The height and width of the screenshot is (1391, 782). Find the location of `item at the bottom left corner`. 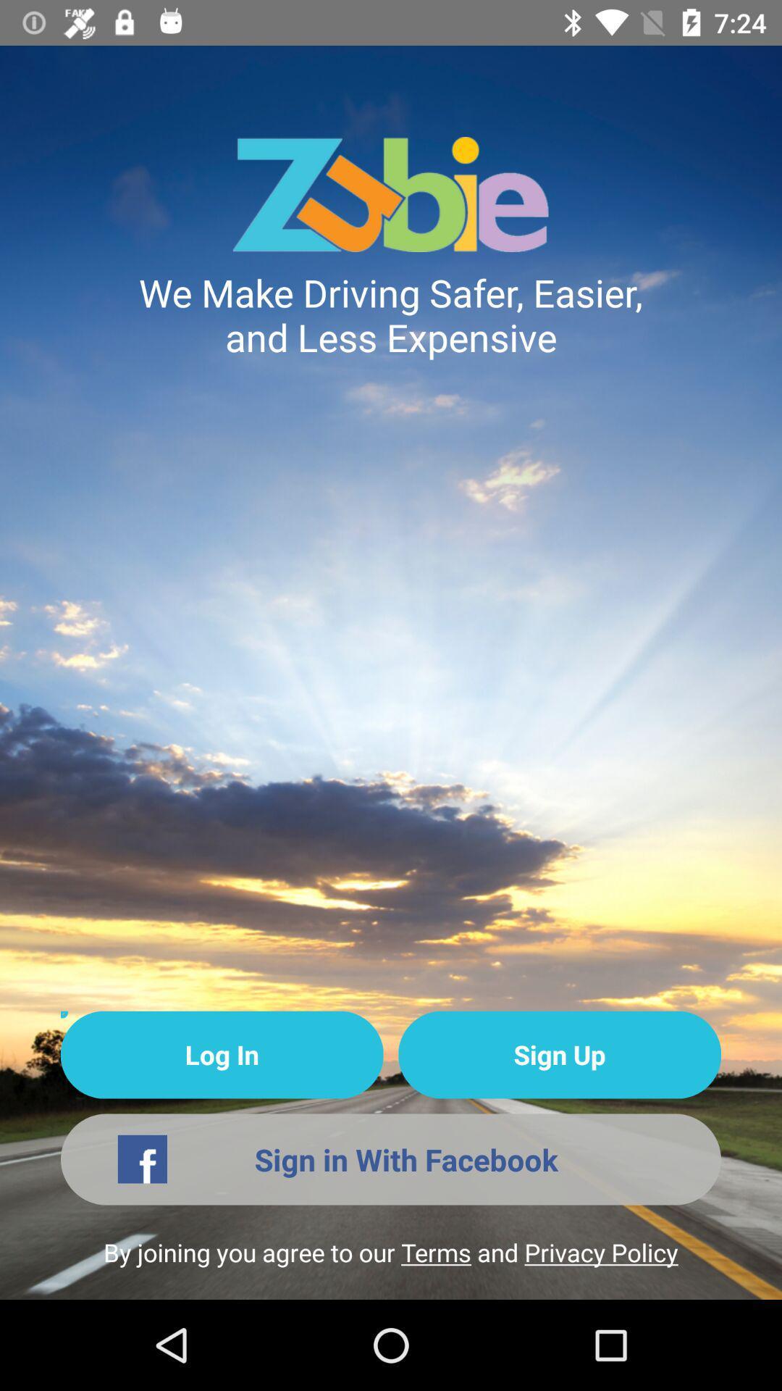

item at the bottom left corner is located at coordinates (222, 1055).